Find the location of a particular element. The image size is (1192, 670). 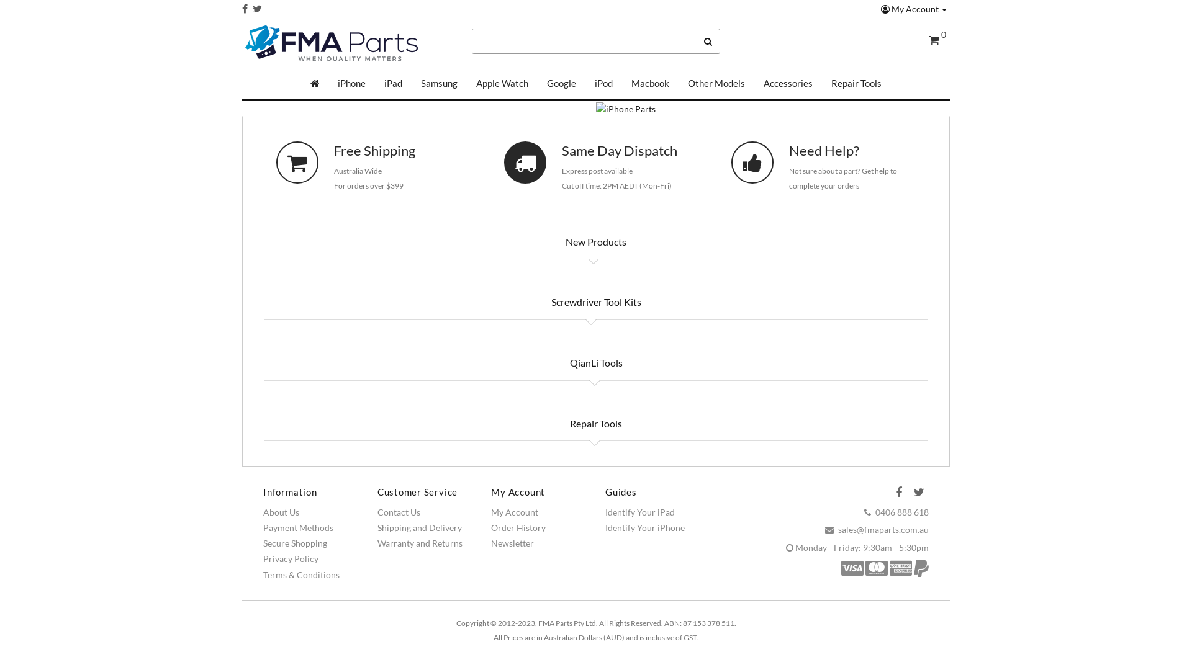

'My Account' is located at coordinates (914, 9).